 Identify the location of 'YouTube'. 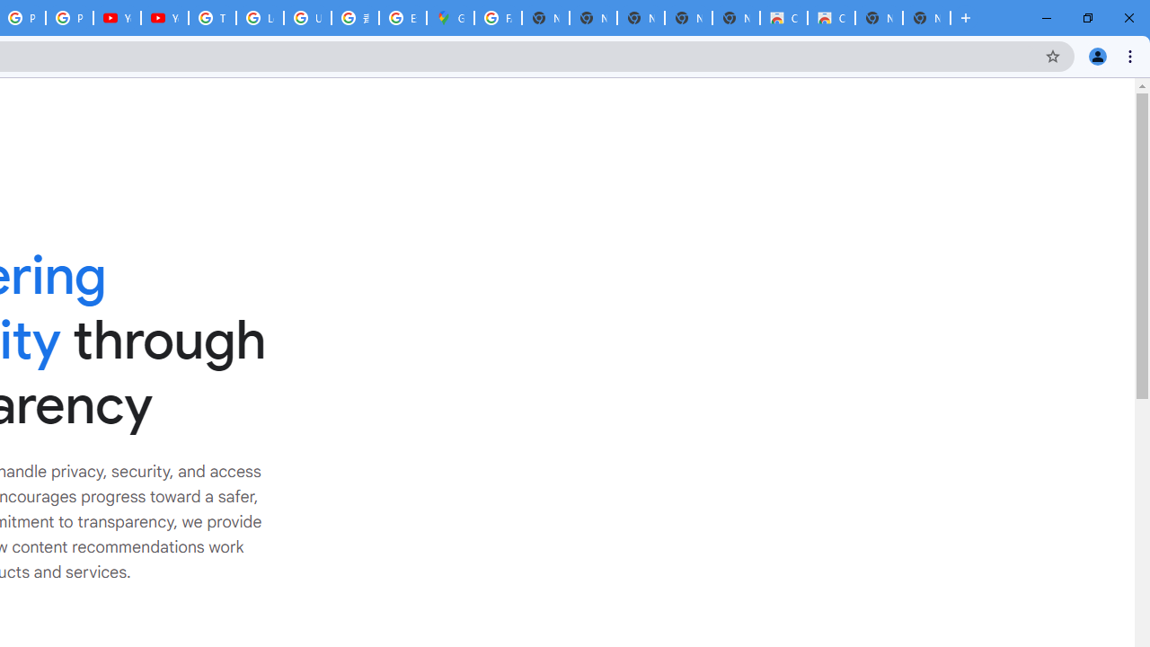
(164, 18).